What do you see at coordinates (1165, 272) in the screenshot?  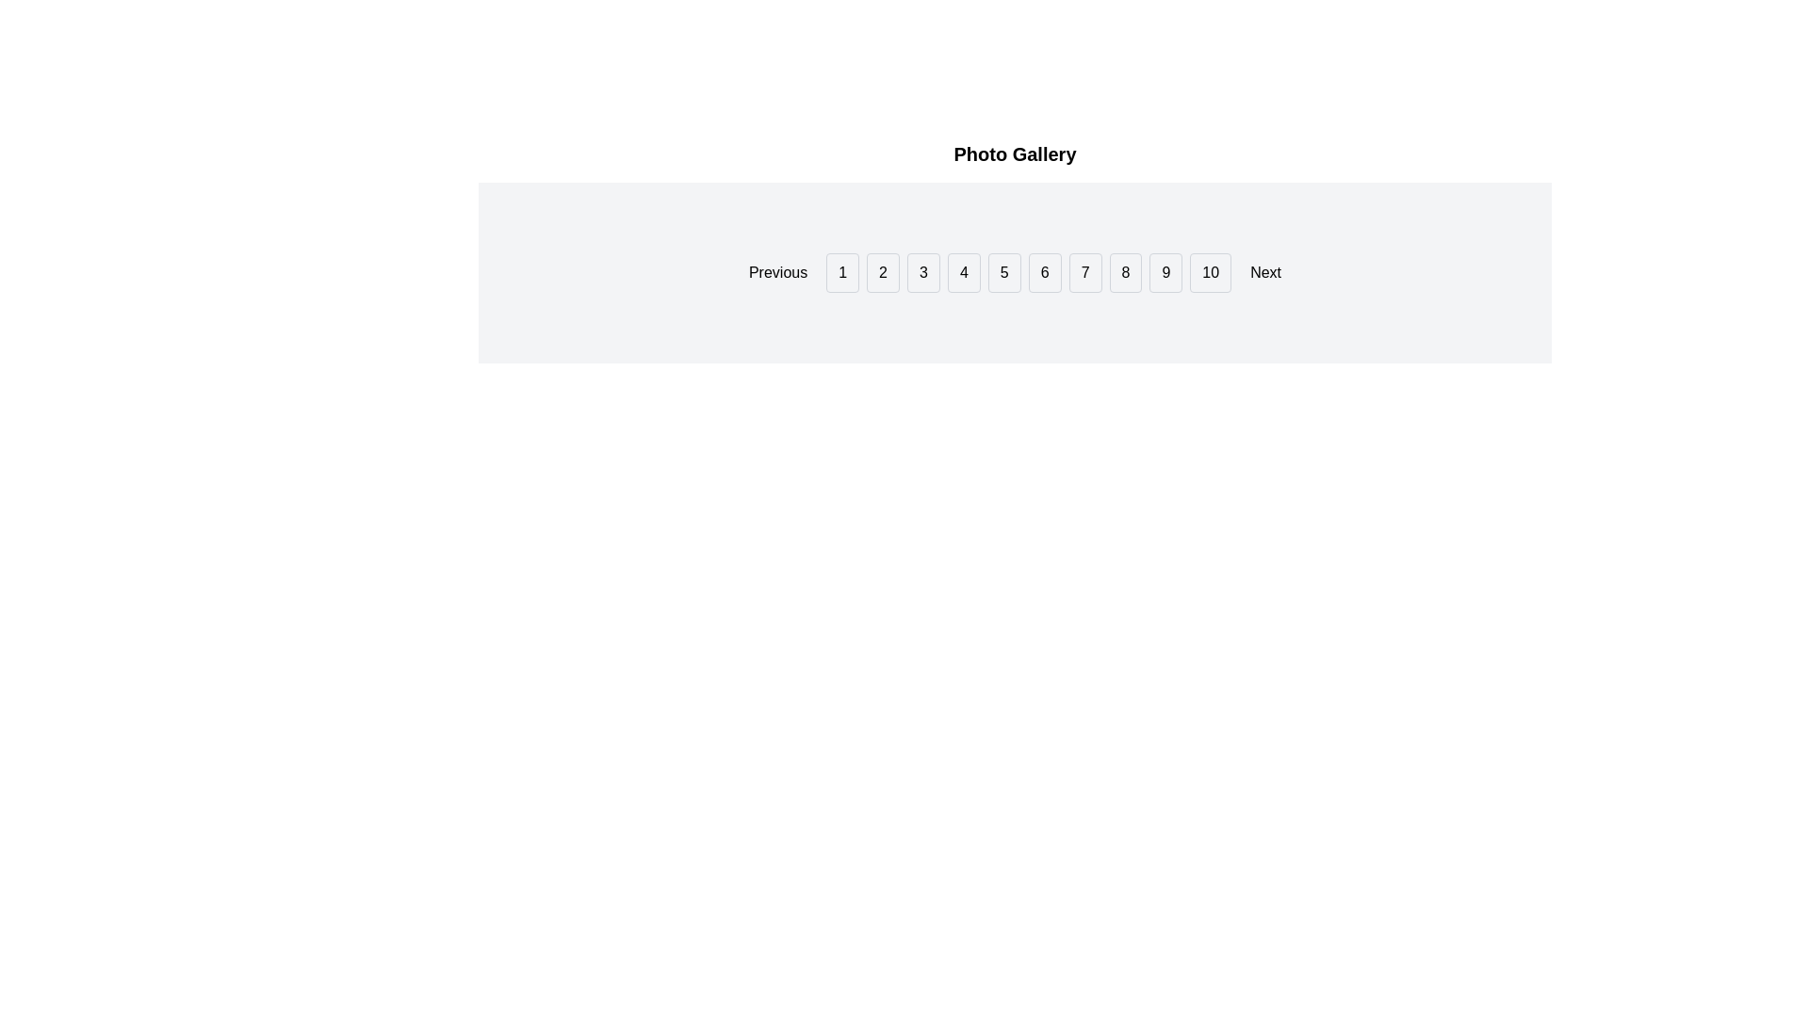 I see `the button labeled '9' in the pagination control` at bounding box center [1165, 272].